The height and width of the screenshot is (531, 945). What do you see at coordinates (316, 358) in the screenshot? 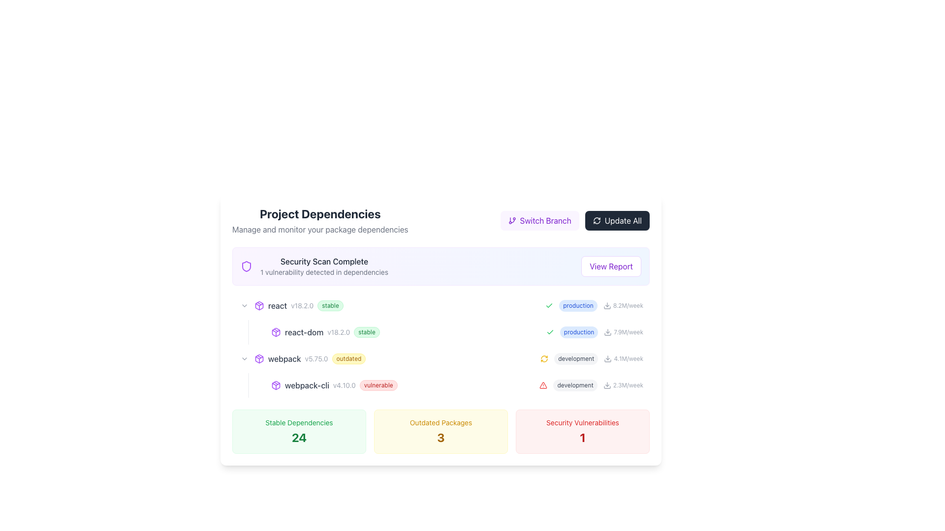
I see `the text label displaying version 'v5.75.0', which is styled in a small gray font and positioned between 'webpack' and 'outdated'` at bounding box center [316, 358].